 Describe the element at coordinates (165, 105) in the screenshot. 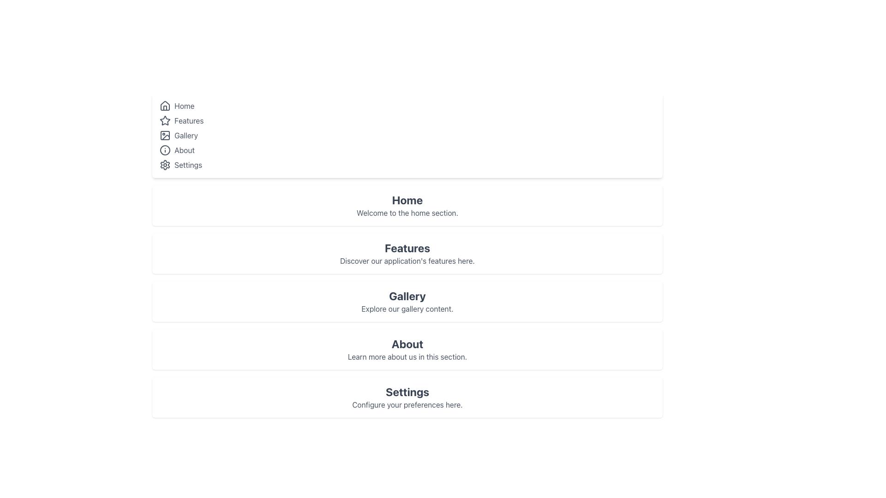

I see `the house-shaped icon in the sidebar navigation menu, which is the first element and is located to the left of the 'Home' label` at that location.